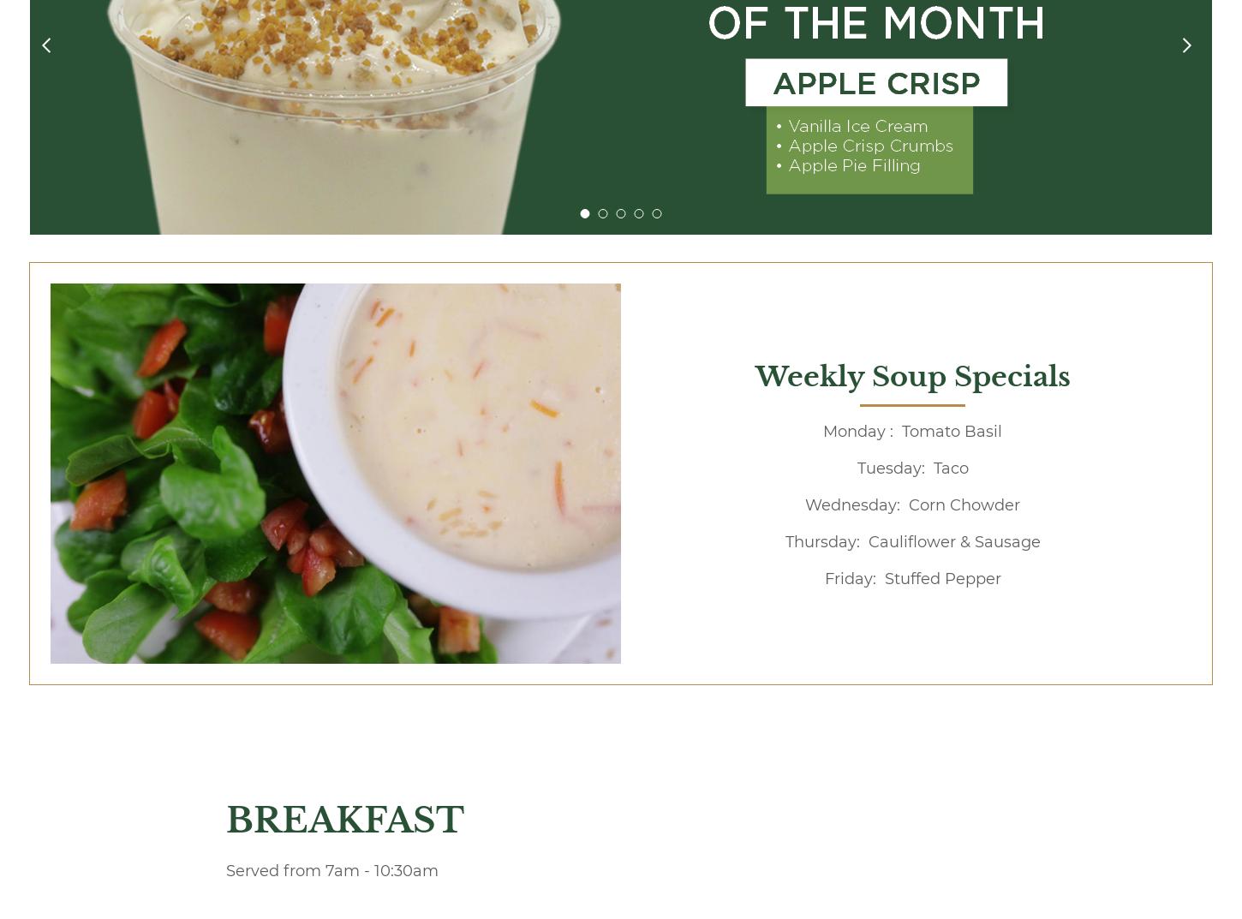 Image resolution: width=1242 pixels, height=919 pixels. What do you see at coordinates (533, 701) in the screenshot?
I see `'Located on 50 acres in the rolling hills of Holmes County, Keim is the destination and trusted source for your home, building, and woodworking needs. Founded in 1911, our fourth-generation family business is dedicated to caring for your project like we care for our own.'` at bounding box center [533, 701].